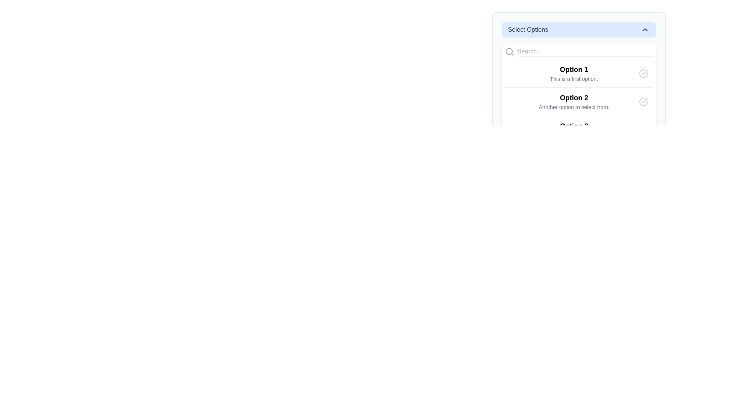 This screenshot has width=743, height=418. I want to click on the text label that reads 'Option 2' in bold styling, which is the second item in the list of selectable options beneath 'Select Options', so click(574, 101).